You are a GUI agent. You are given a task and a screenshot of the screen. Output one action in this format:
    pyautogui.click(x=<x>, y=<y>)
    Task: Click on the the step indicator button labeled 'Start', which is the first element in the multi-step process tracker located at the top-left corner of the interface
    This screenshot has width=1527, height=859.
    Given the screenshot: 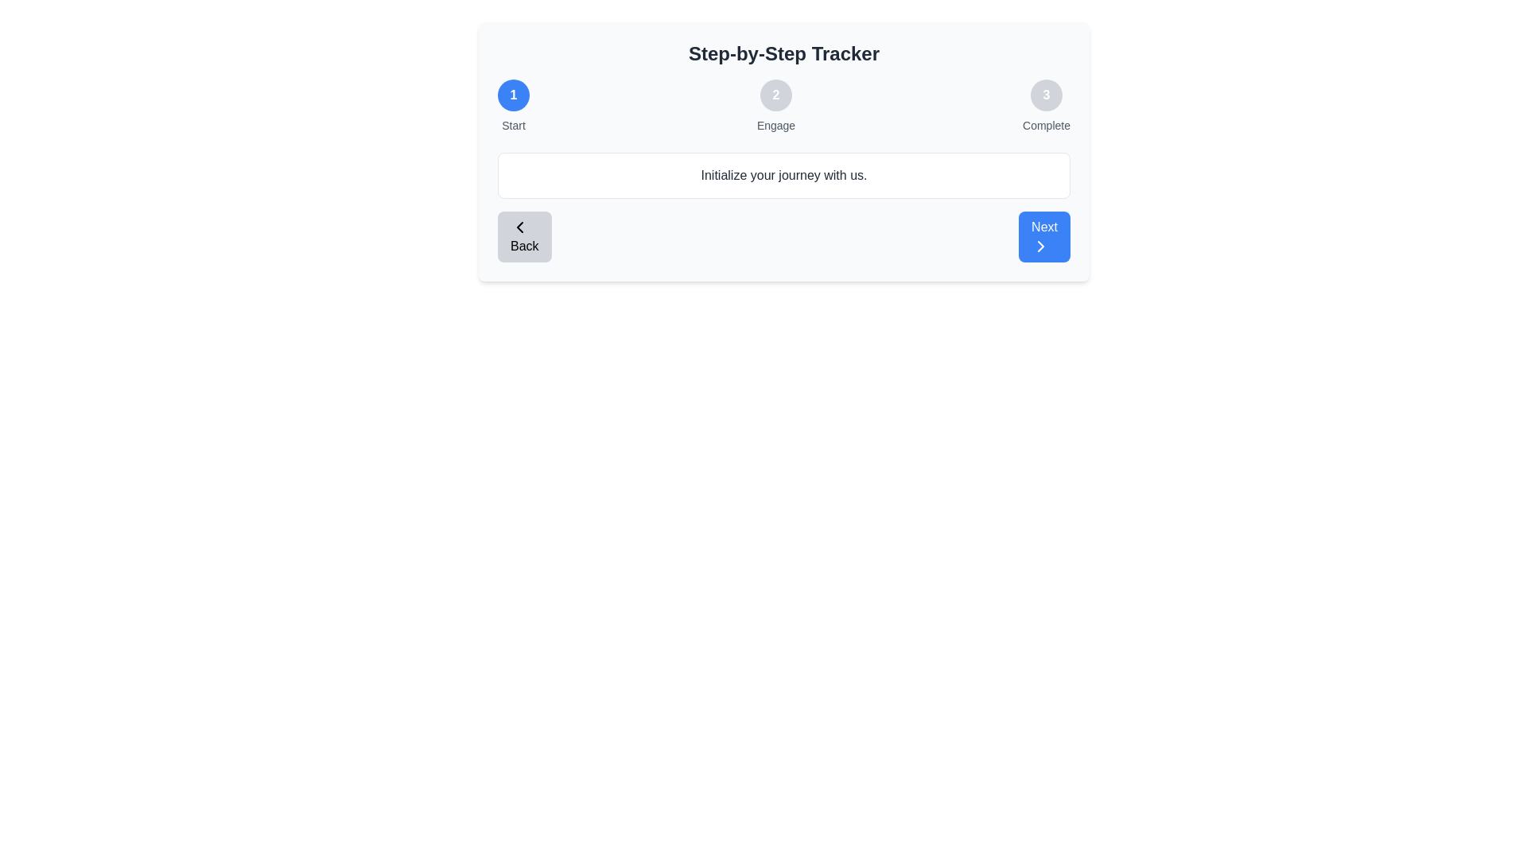 What is the action you would take?
    pyautogui.click(x=514, y=95)
    